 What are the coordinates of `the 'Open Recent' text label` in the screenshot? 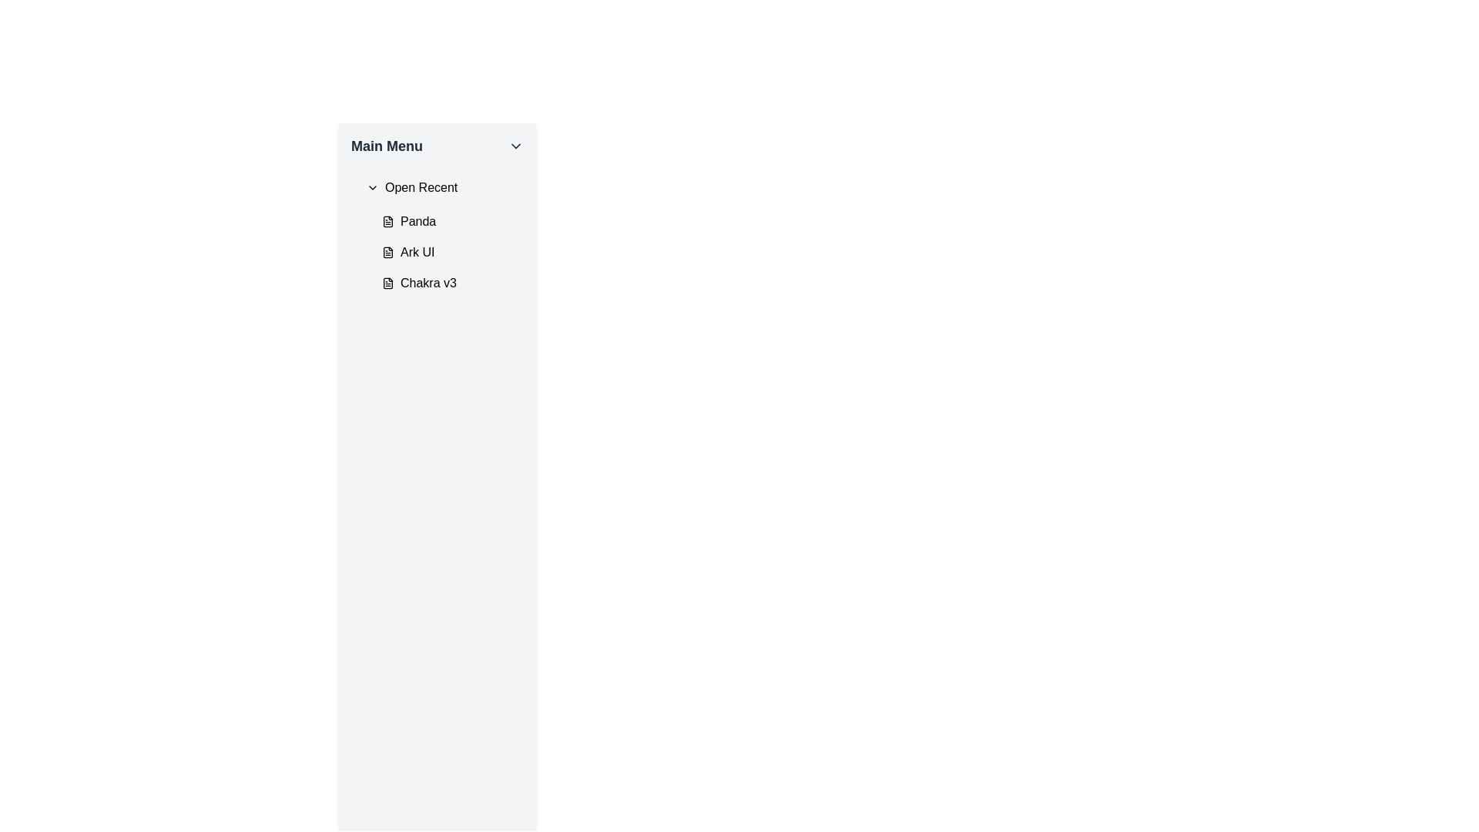 It's located at (421, 186).